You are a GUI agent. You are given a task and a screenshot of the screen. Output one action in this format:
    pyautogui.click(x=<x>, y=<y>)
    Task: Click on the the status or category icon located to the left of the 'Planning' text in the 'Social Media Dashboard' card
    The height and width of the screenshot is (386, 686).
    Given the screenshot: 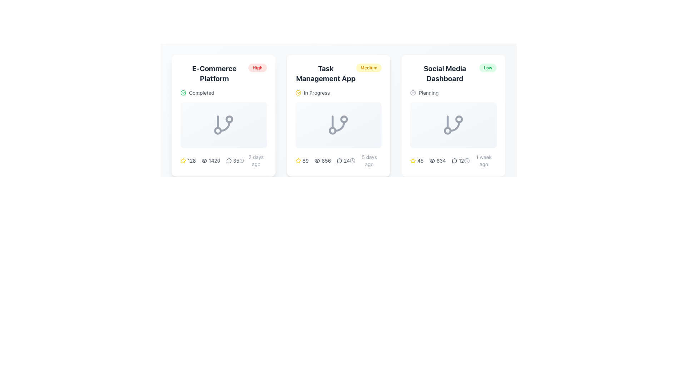 What is the action you would take?
    pyautogui.click(x=413, y=92)
    